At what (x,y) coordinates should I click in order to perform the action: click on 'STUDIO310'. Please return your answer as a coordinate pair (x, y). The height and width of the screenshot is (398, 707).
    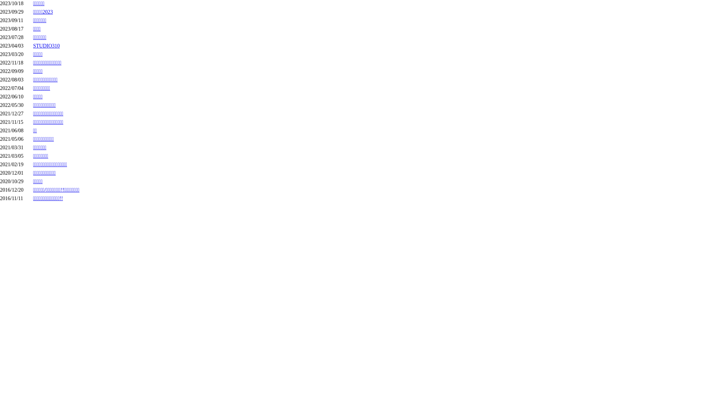
    Looking at the image, I should click on (46, 46).